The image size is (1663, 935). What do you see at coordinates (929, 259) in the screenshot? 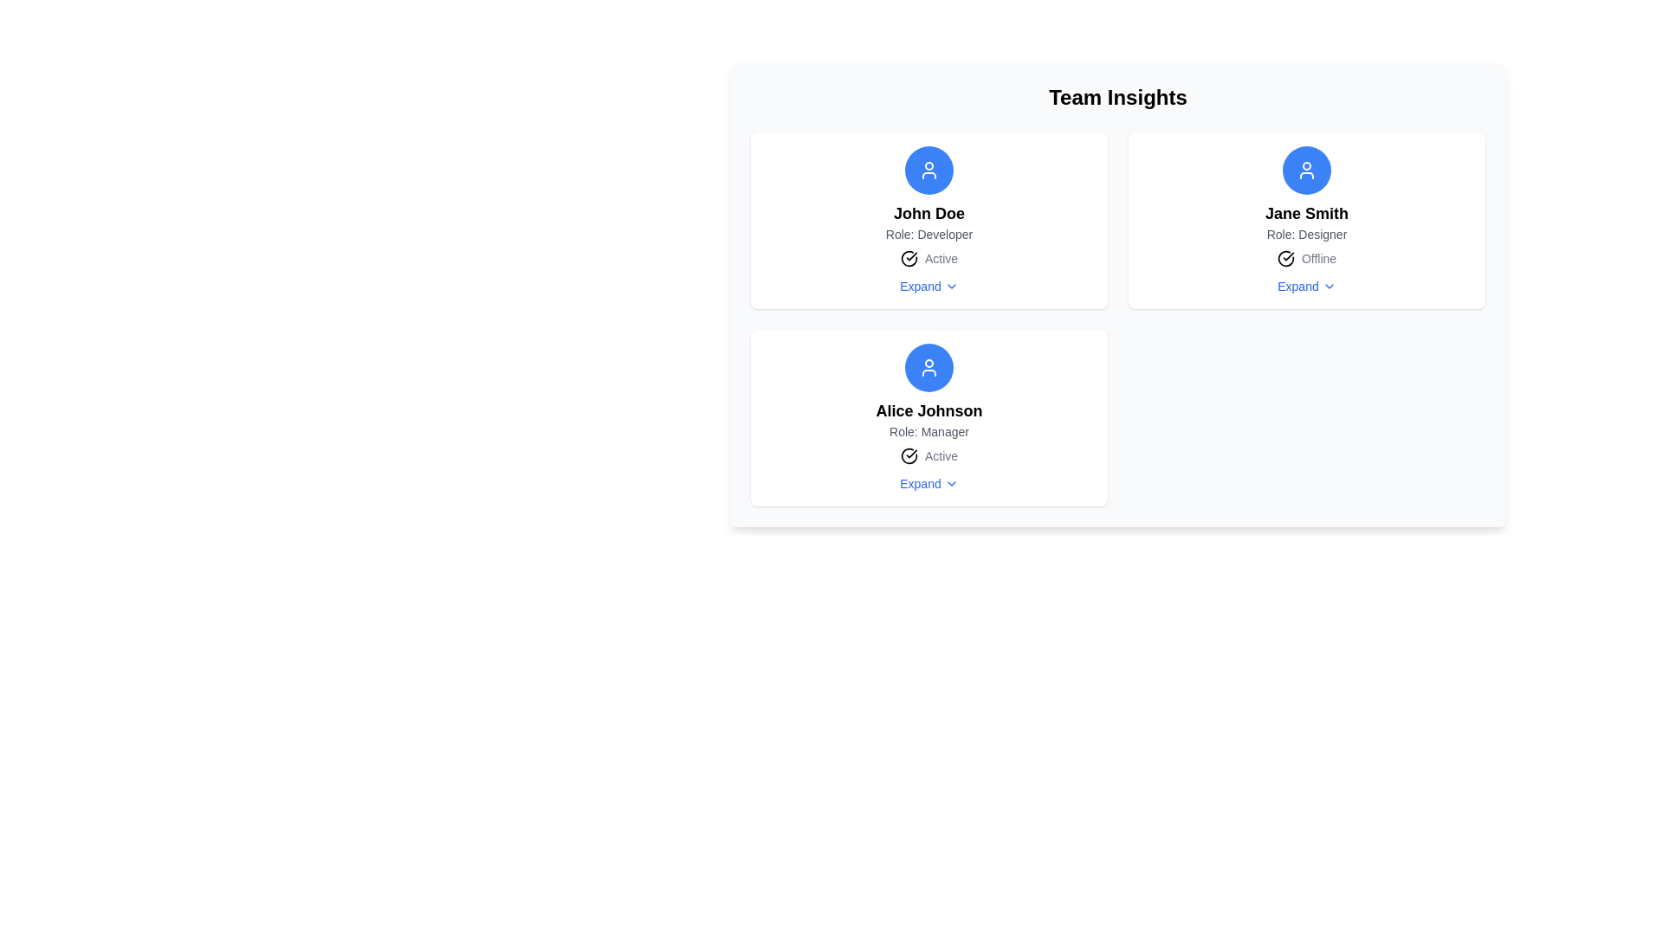
I see `the green circular Status Indicator with a checkmark indicating 'Active' located within John Doe's profile card` at bounding box center [929, 259].